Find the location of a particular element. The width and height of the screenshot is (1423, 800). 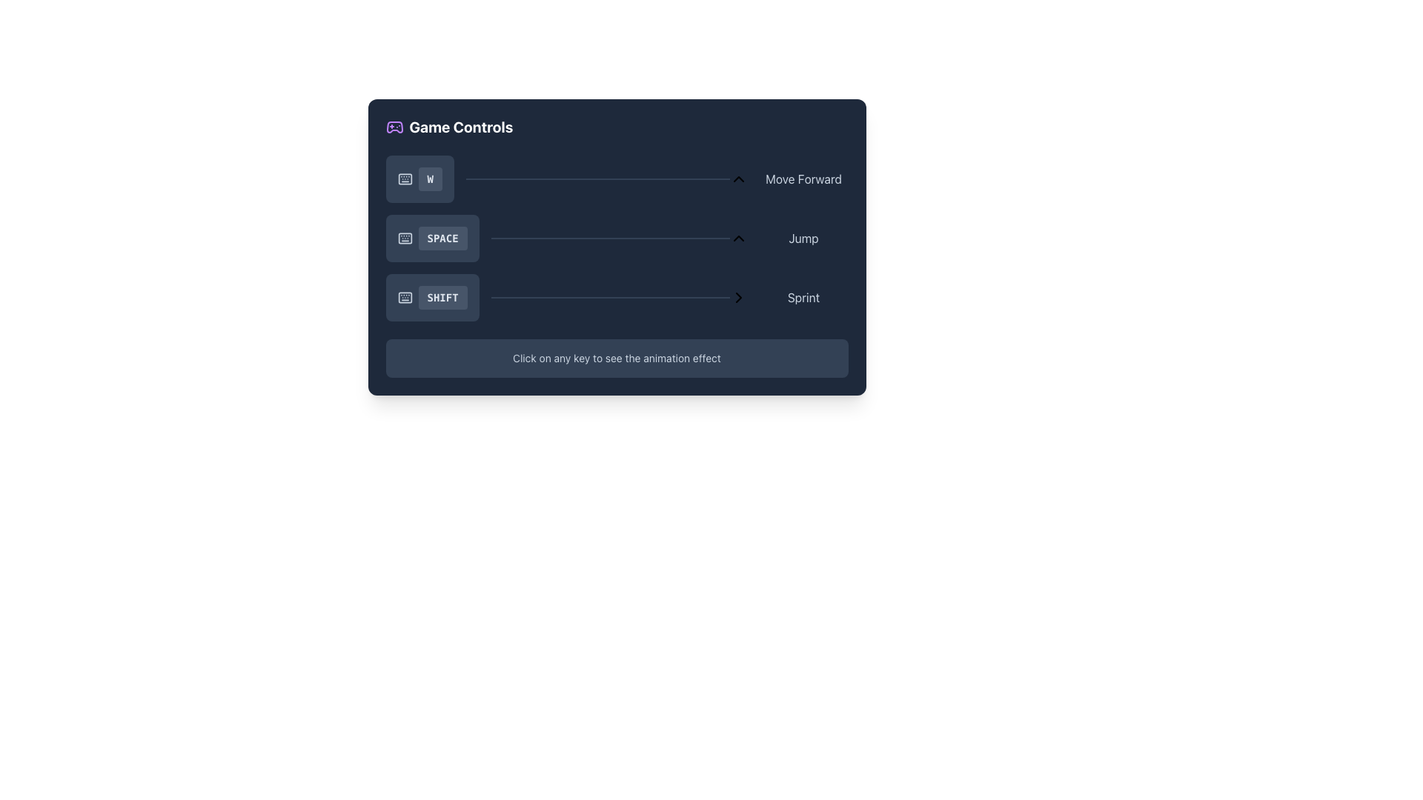

the 'SHIFT' button located in the bottom-most row of a column of similar buttons for selecting it is located at coordinates (442, 297).